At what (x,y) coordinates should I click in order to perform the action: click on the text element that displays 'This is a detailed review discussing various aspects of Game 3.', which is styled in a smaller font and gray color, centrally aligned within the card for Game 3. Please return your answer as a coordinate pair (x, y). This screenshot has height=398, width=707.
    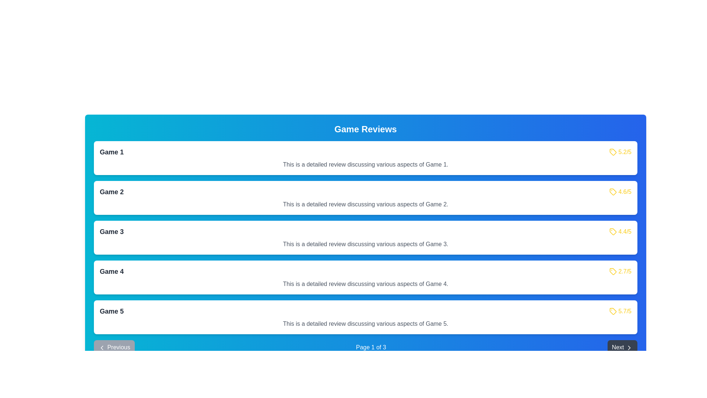
    Looking at the image, I should click on (366, 244).